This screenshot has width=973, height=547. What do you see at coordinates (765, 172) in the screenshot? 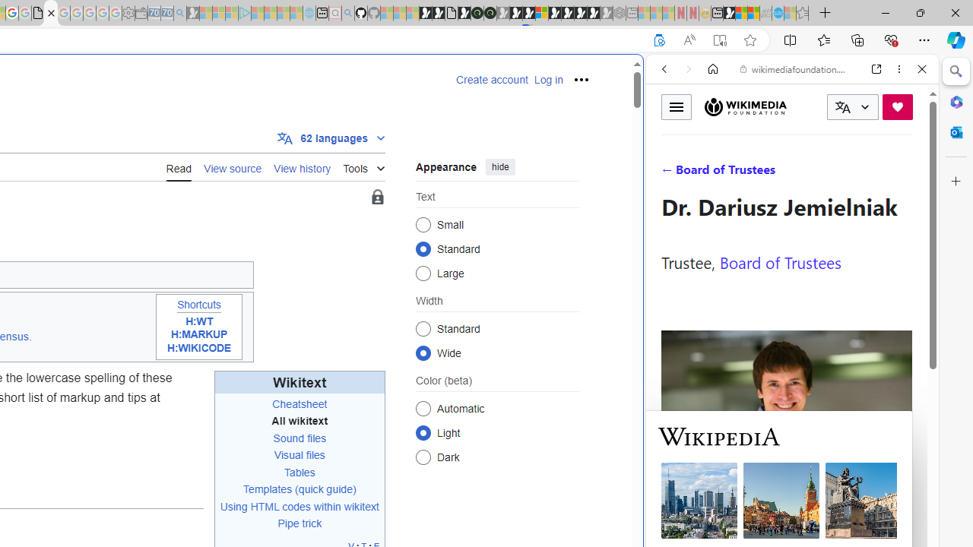
I see `'VIDEOS'` at bounding box center [765, 172].